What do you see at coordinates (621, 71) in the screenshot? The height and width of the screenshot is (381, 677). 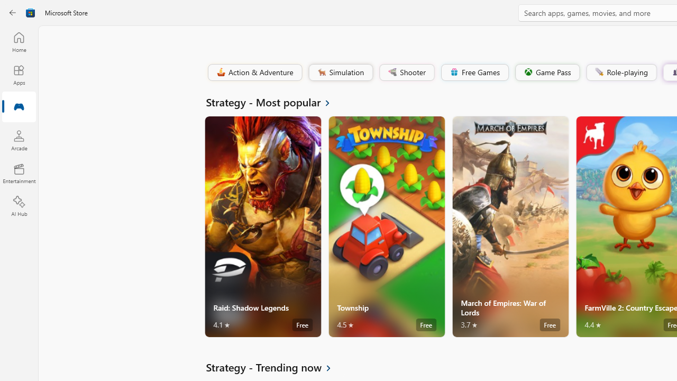 I see `'Role-playing'` at bounding box center [621, 71].